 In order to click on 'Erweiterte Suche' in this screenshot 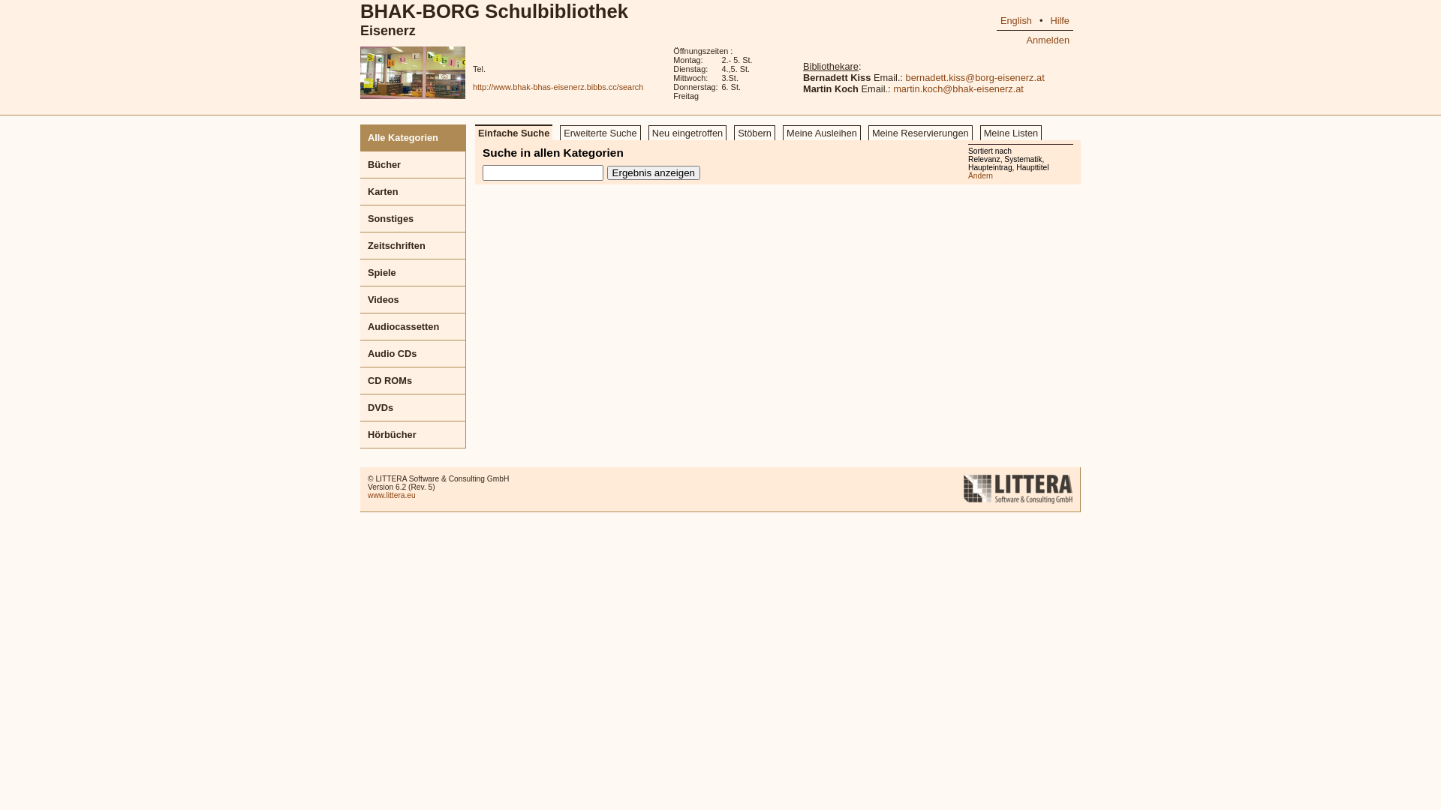, I will do `click(599, 132)`.